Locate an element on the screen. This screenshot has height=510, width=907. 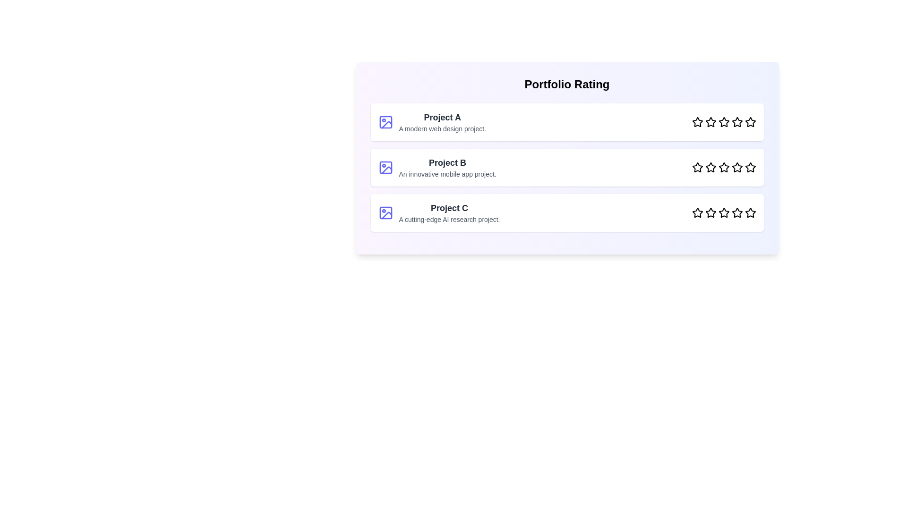
the title of Project A to view its details is located at coordinates (442, 117).